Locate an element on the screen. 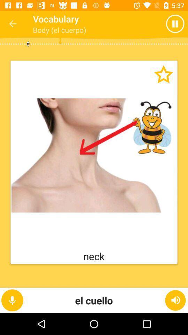 This screenshot has width=188, height=335. the volume icon is located at coordinates (175, 300).